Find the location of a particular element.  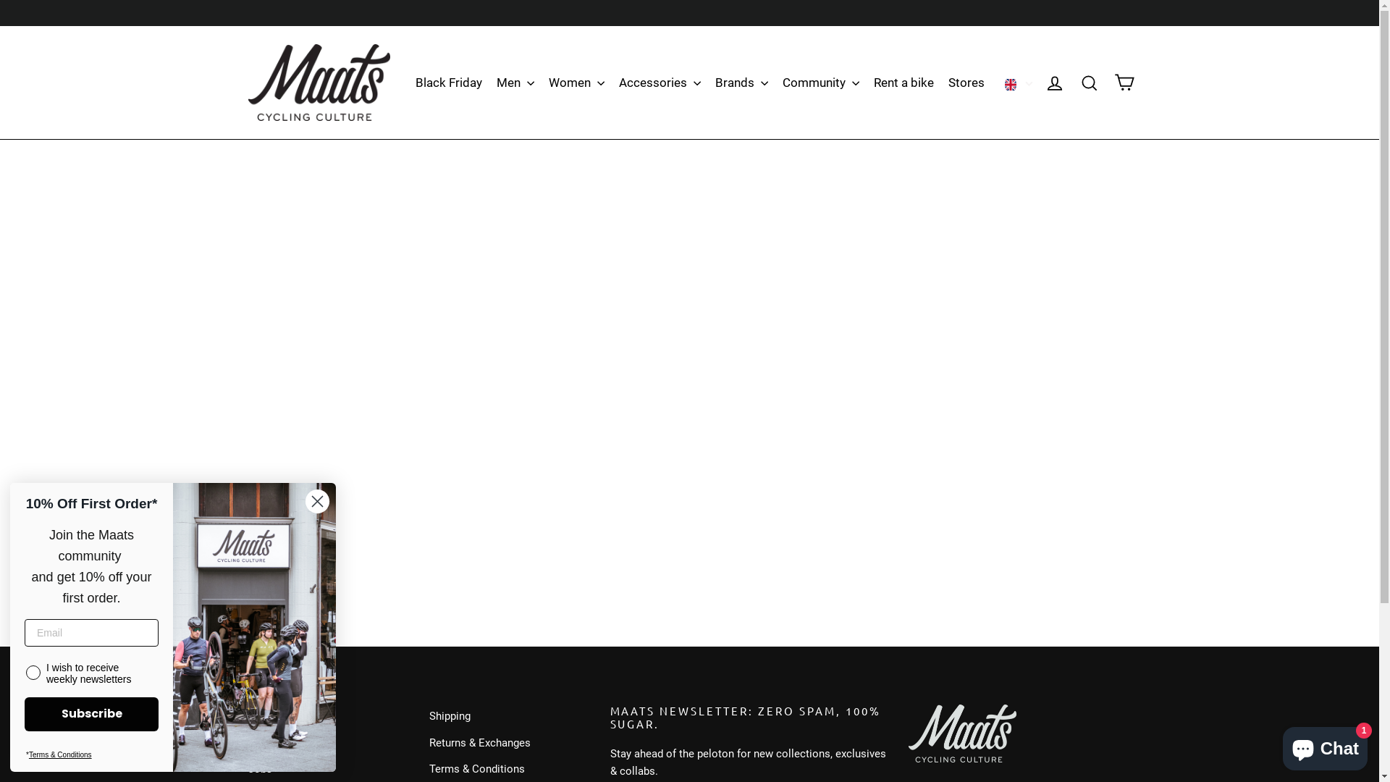

'Subscribe' is located at coordinates (90, 713).